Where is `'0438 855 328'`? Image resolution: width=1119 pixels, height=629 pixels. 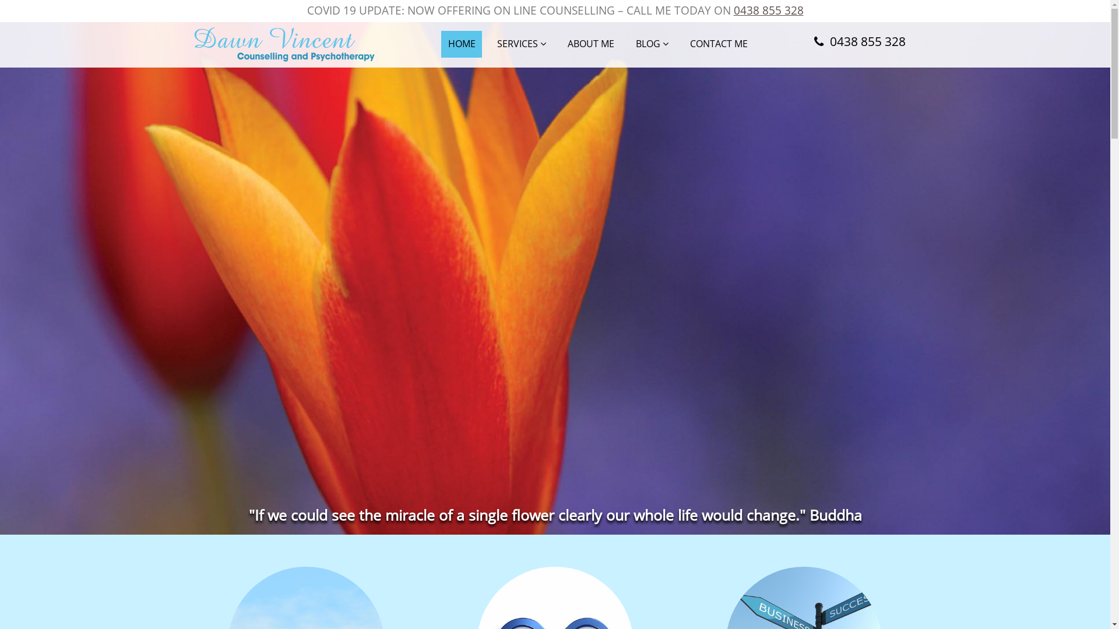 '0438 855 328' is located at coordinates (858, 42).